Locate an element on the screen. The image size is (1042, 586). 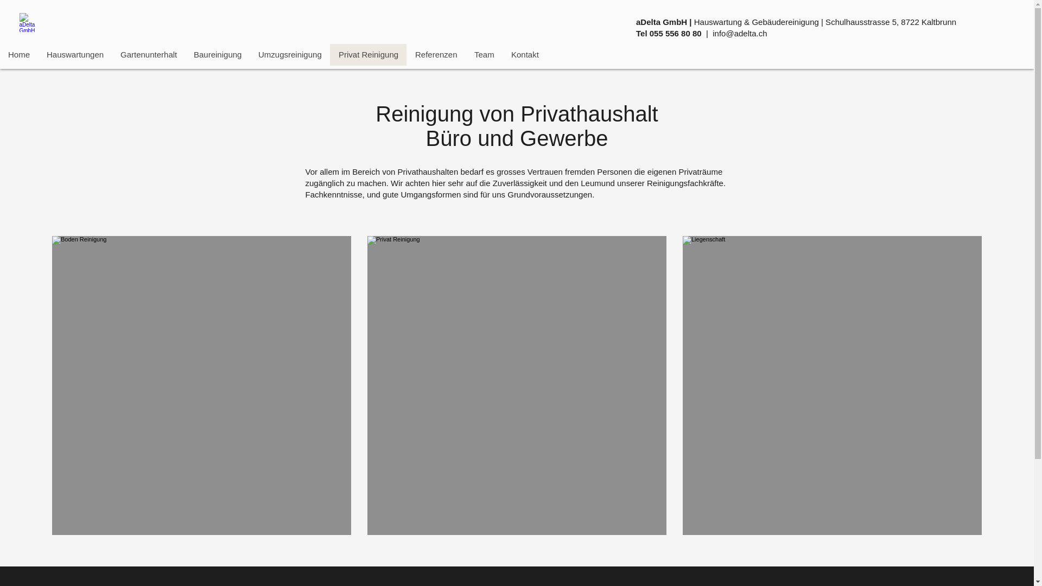
'Home' is located at coordinates (18, 54).